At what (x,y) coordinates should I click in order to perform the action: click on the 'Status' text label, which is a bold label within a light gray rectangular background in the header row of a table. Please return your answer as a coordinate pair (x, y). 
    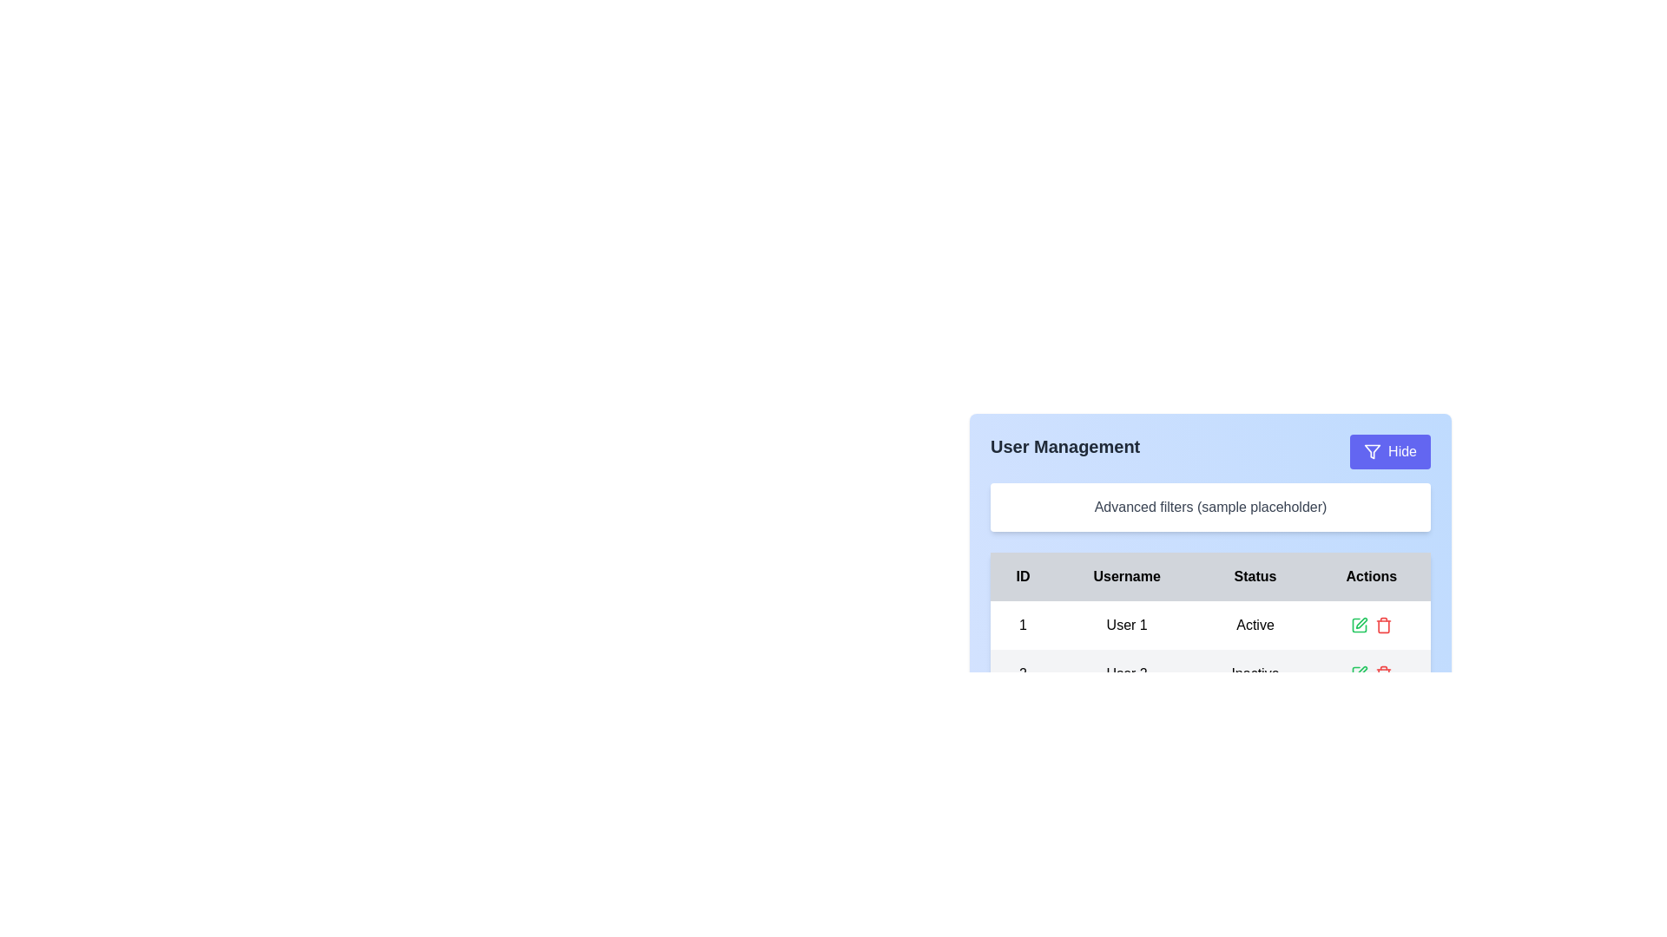
    Looking at the image, I should click on (1255, 576).